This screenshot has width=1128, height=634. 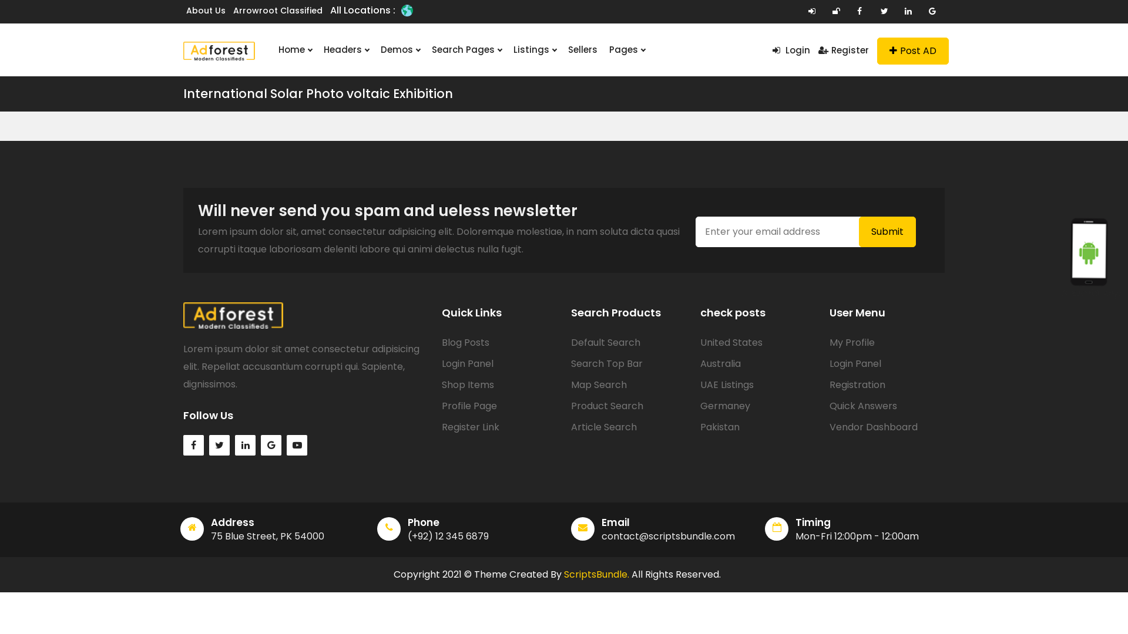 What do you see at coordinates (534, 49) in the screenshot?
I see `'Listings'` at bounding box center [534, 49].